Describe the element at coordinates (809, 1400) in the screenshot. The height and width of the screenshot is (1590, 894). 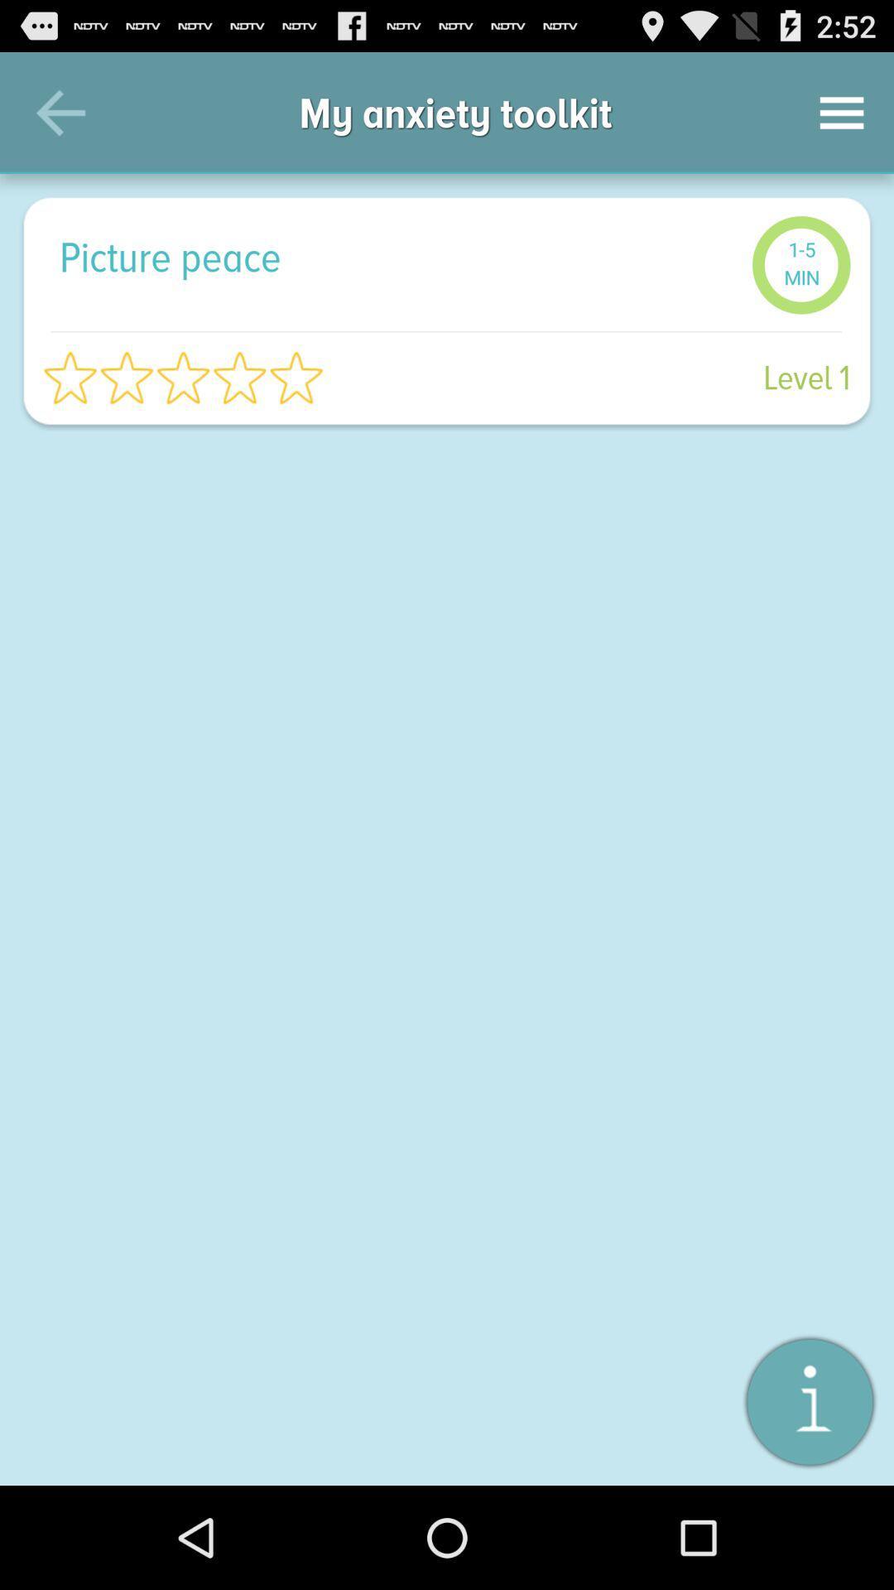
I see `about` at that location.